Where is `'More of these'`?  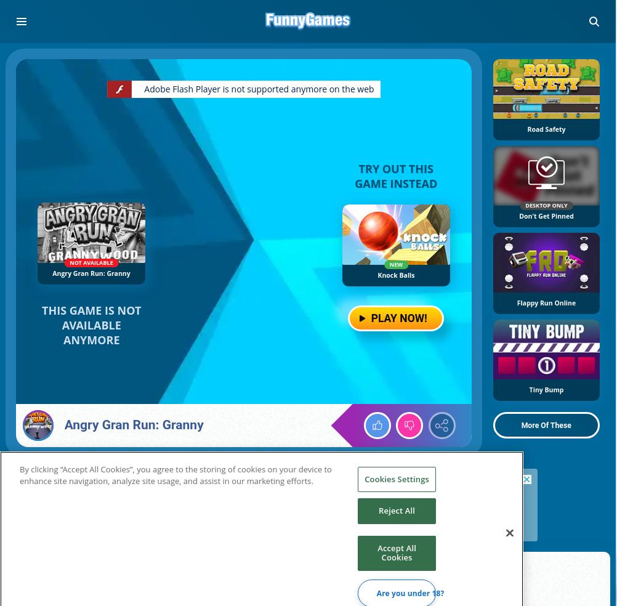 'More of these' is located at coordinates (546, 424).